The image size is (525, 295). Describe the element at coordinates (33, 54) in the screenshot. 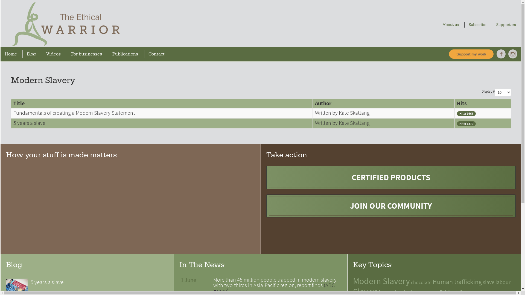

I see `'Blog'` at that location.